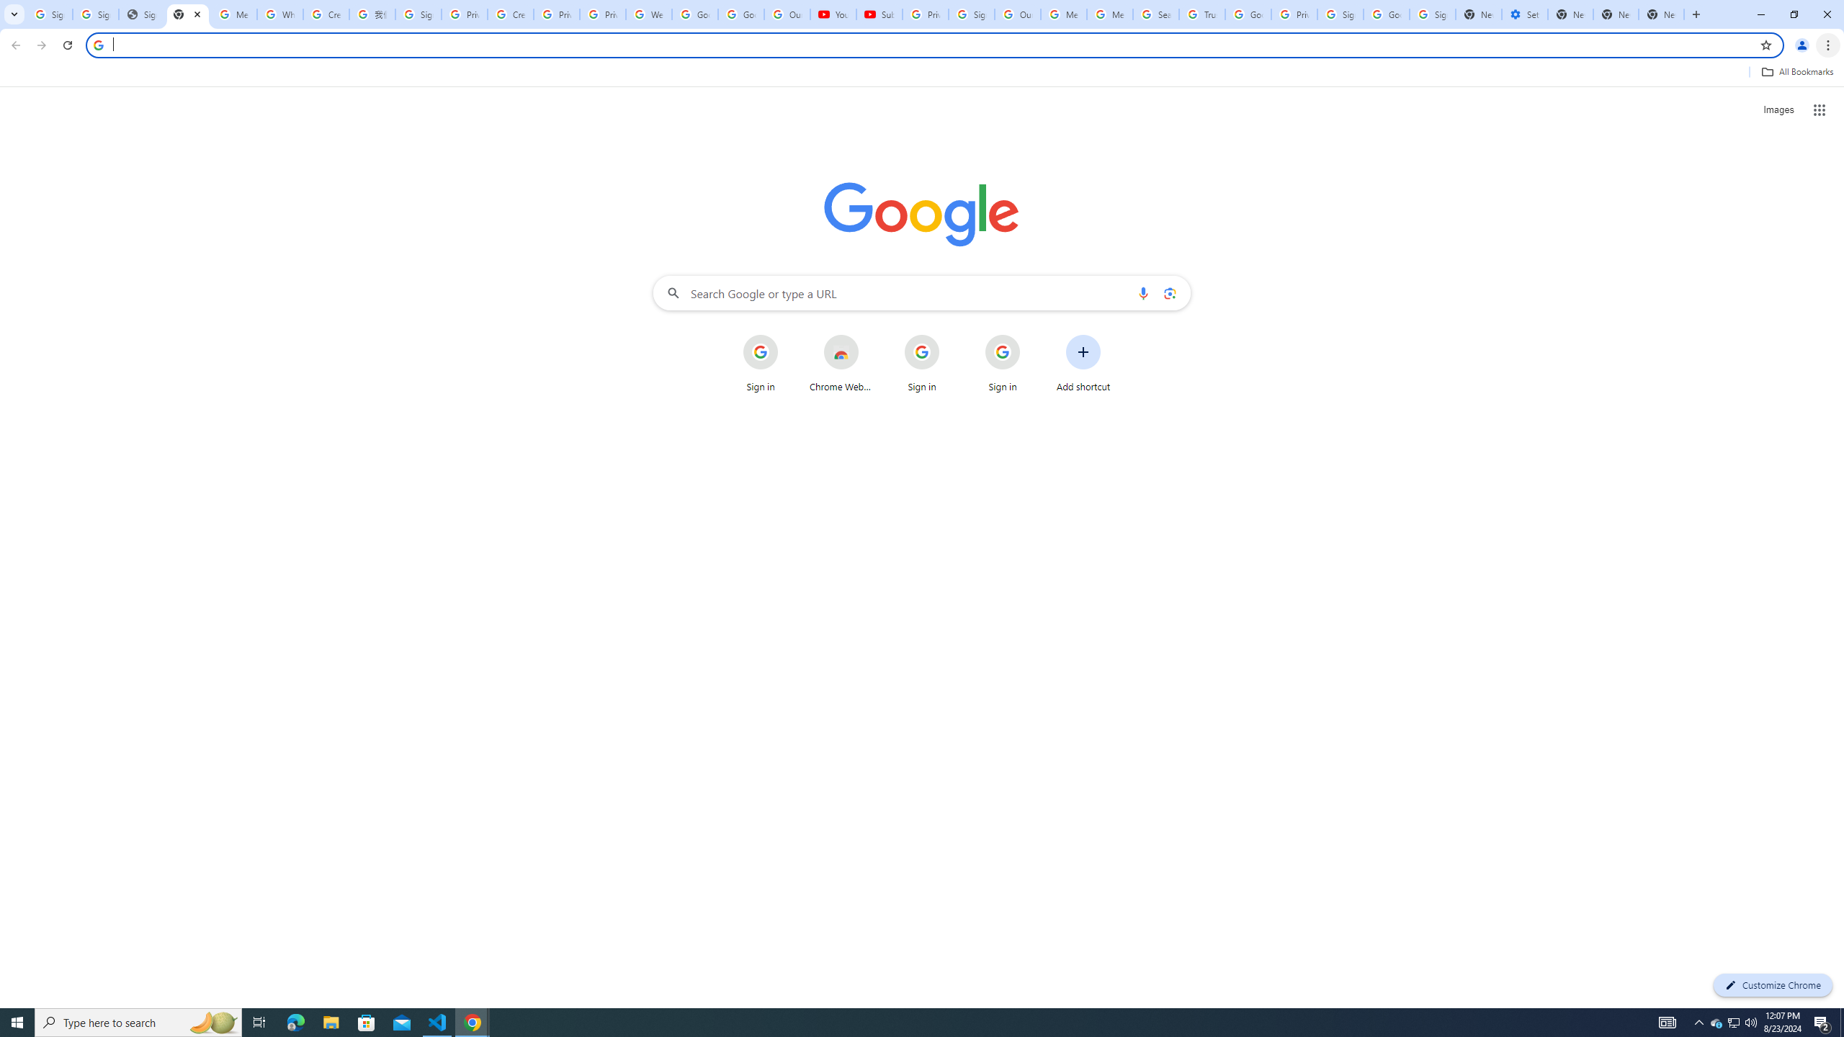 This screenshot has height=1037, width=1844. Describe the element at coordinates (1248, 14) in the screenshot. I see `'Google Ads - Sign in'` at that location.